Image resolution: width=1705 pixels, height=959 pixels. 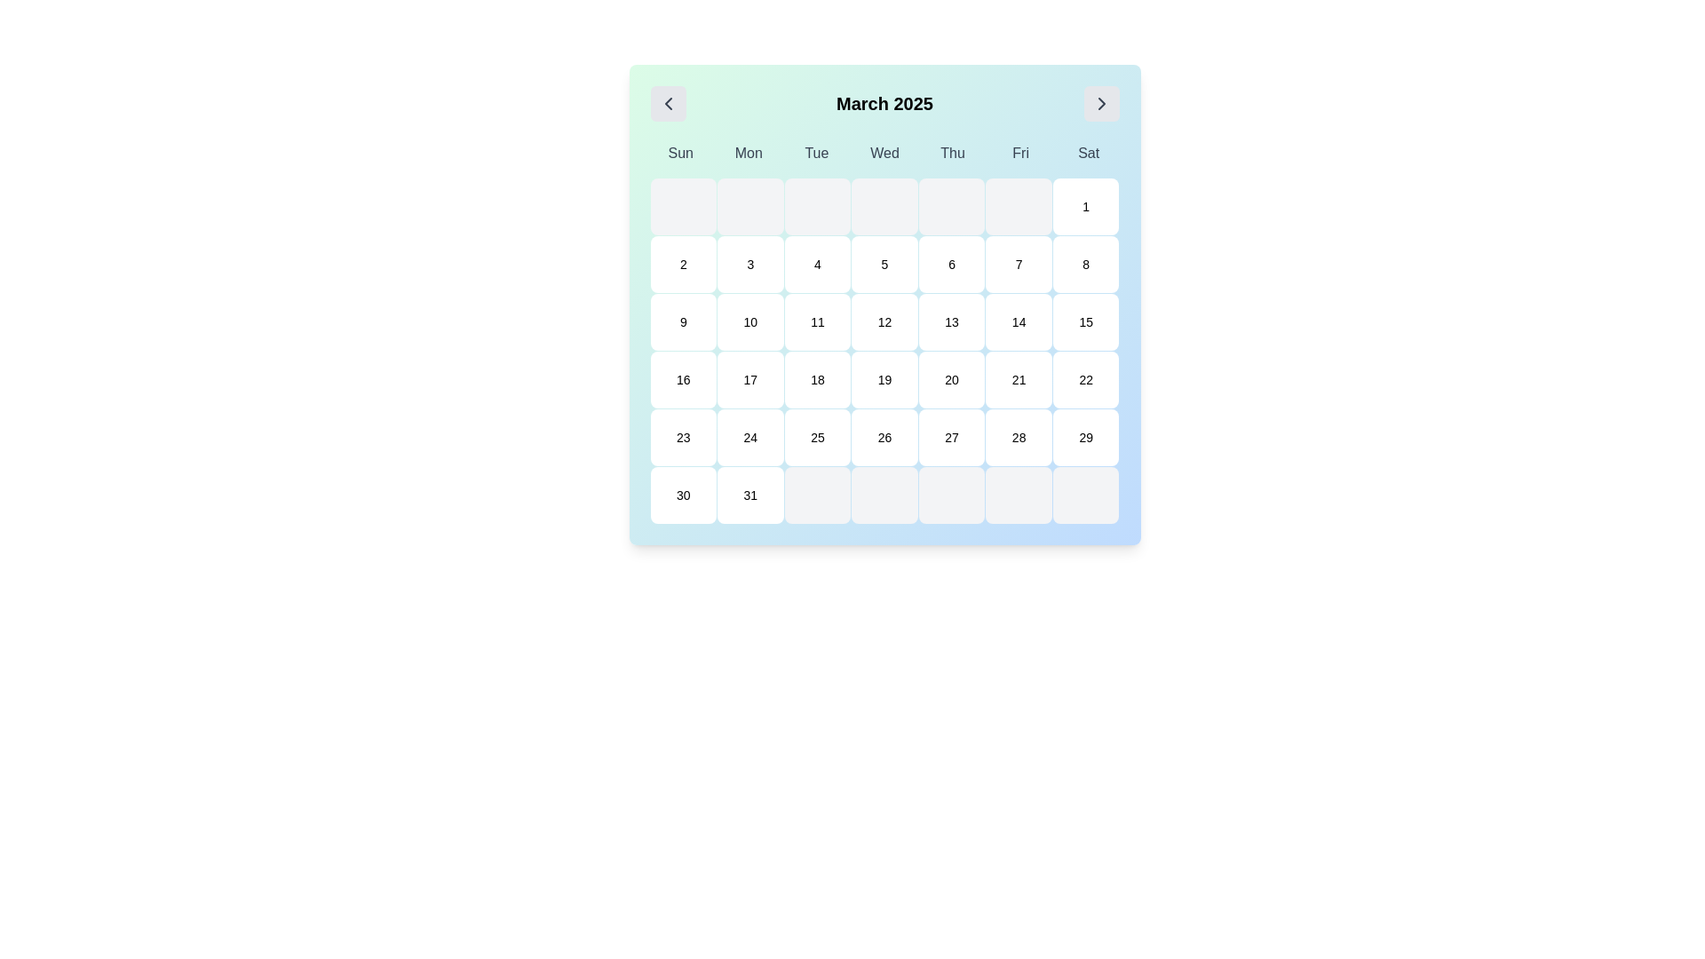 What do you see at coordinates (682, 205) in the screenshot?
I see `the first grid cell in the calendar under the 'Sun' column, which is non-interactive and acts as a placeholder` at bounding box center [682, 205].